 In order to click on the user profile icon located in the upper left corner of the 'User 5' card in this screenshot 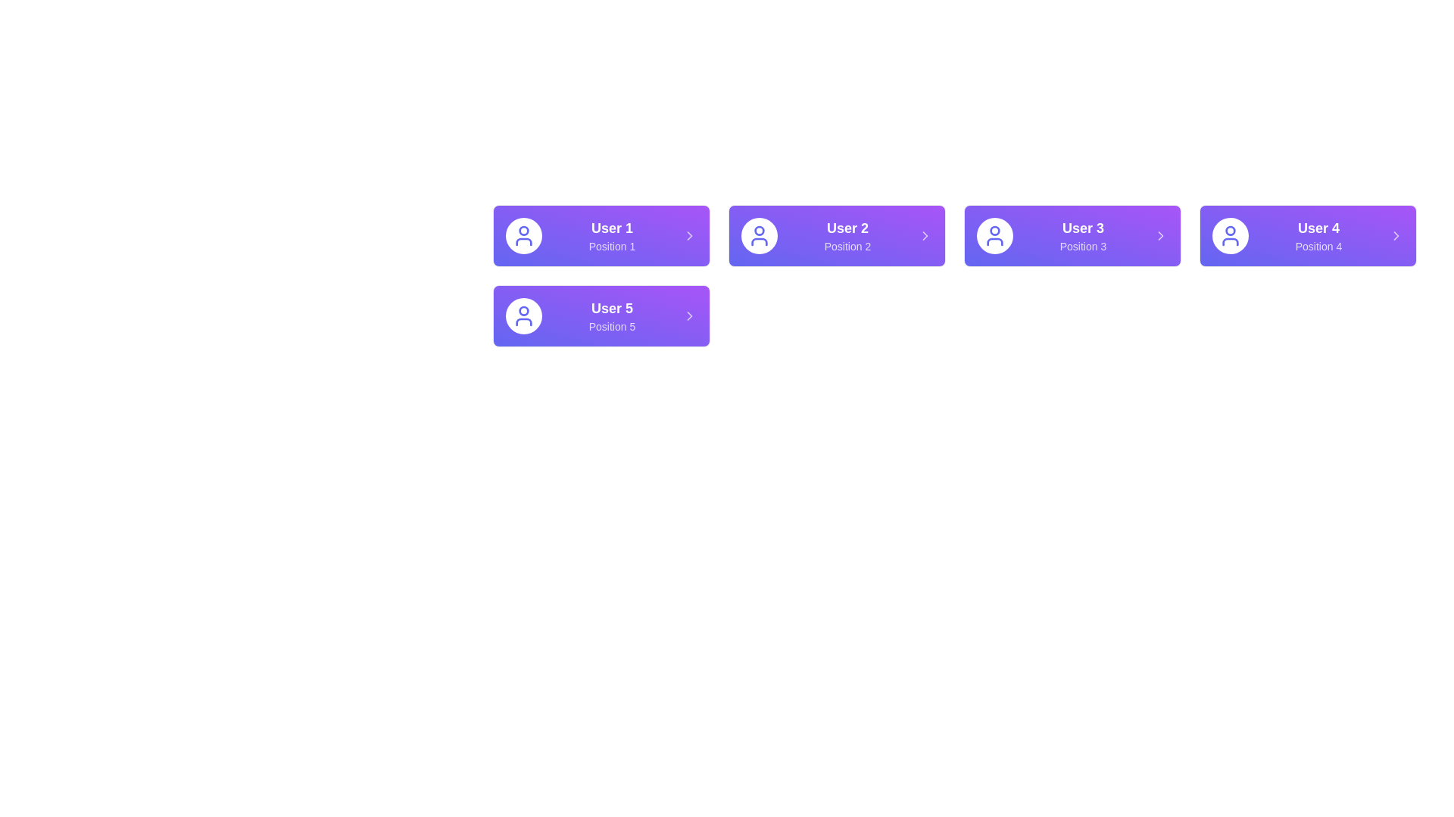, I will do `click(523, 315)`.